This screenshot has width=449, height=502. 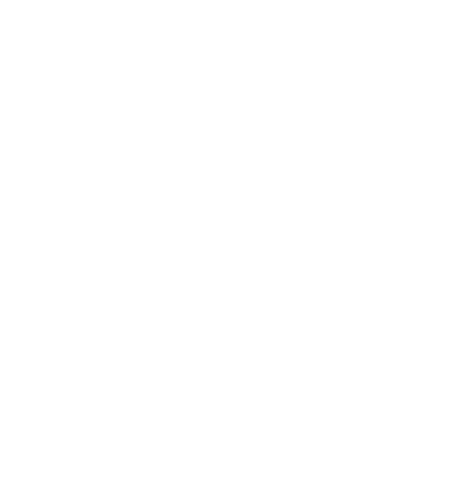 What do you see at coordinates (155, 327) in the screenshot?
I see `'EAW SM12 Stage Monitor Unveiled'` at bounding box center [155, 327].